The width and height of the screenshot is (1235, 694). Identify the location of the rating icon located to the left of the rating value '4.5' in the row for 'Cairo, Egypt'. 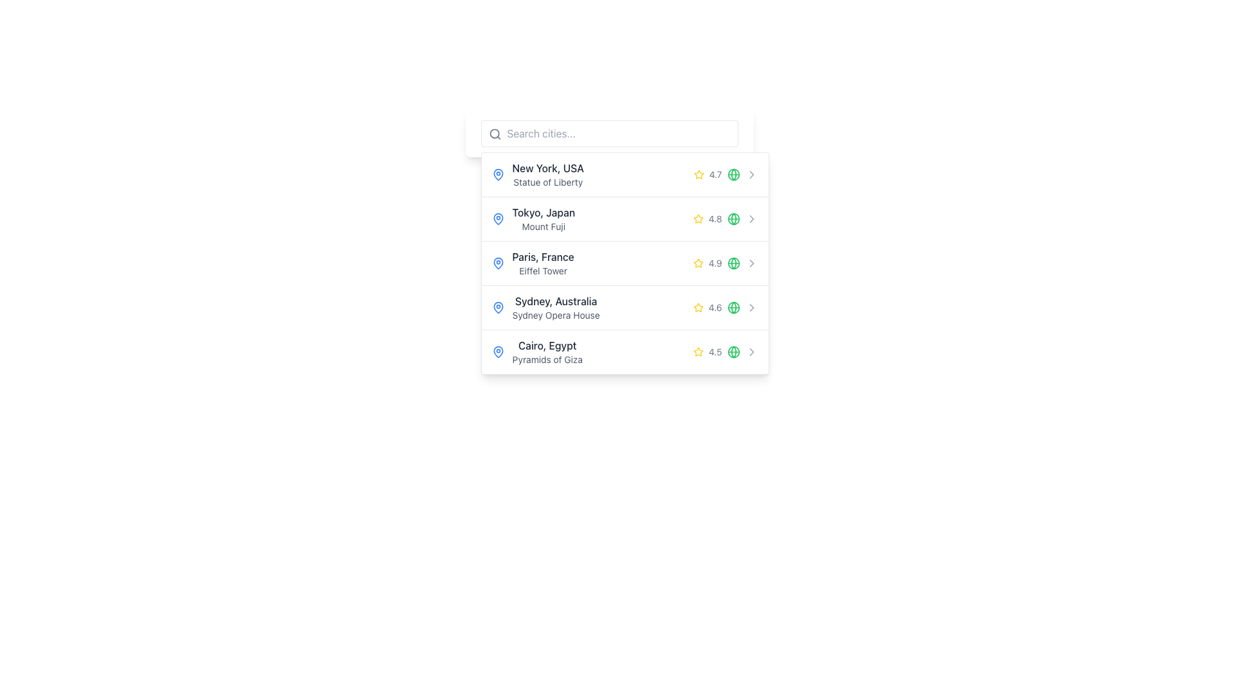
(698, 351).